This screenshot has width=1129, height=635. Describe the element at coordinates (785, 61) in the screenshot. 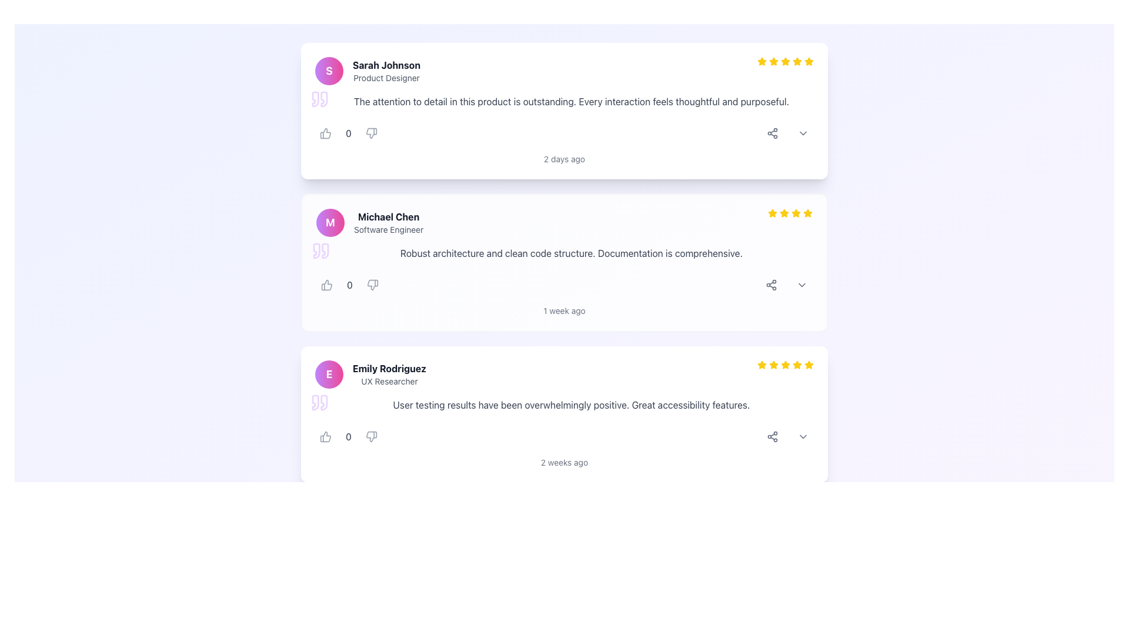

I see `the visual appearance of the fully filled star rating icon, which is the fifth star in a horizontal row of five stars located to the top right of Sarah Johnson's comment box` at that location.